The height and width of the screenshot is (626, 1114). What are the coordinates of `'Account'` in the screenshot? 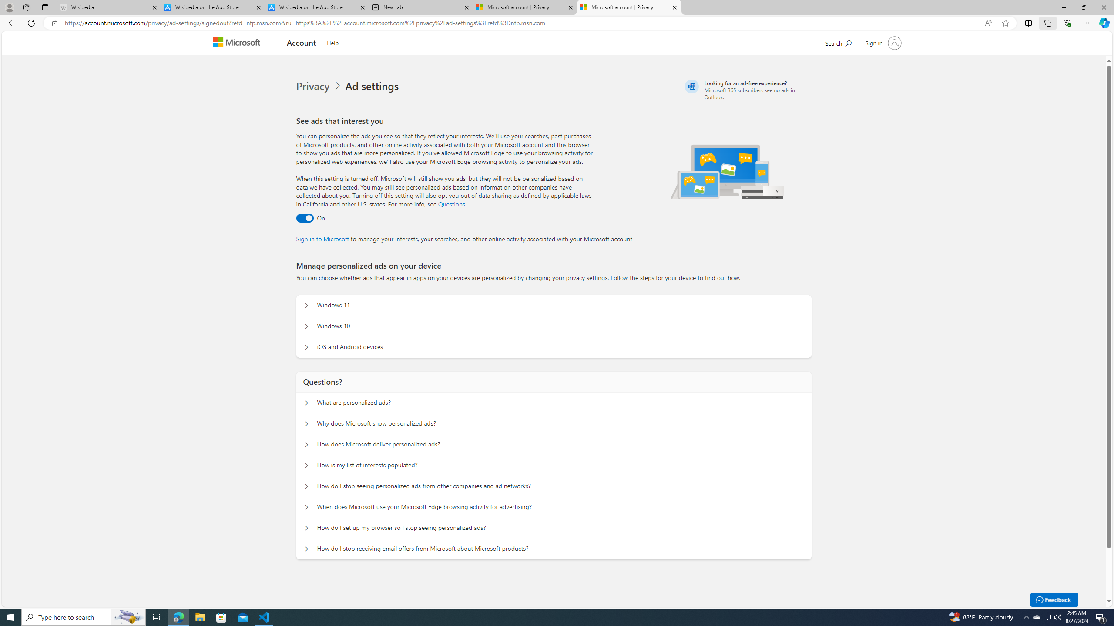 It's located at (301, 43).